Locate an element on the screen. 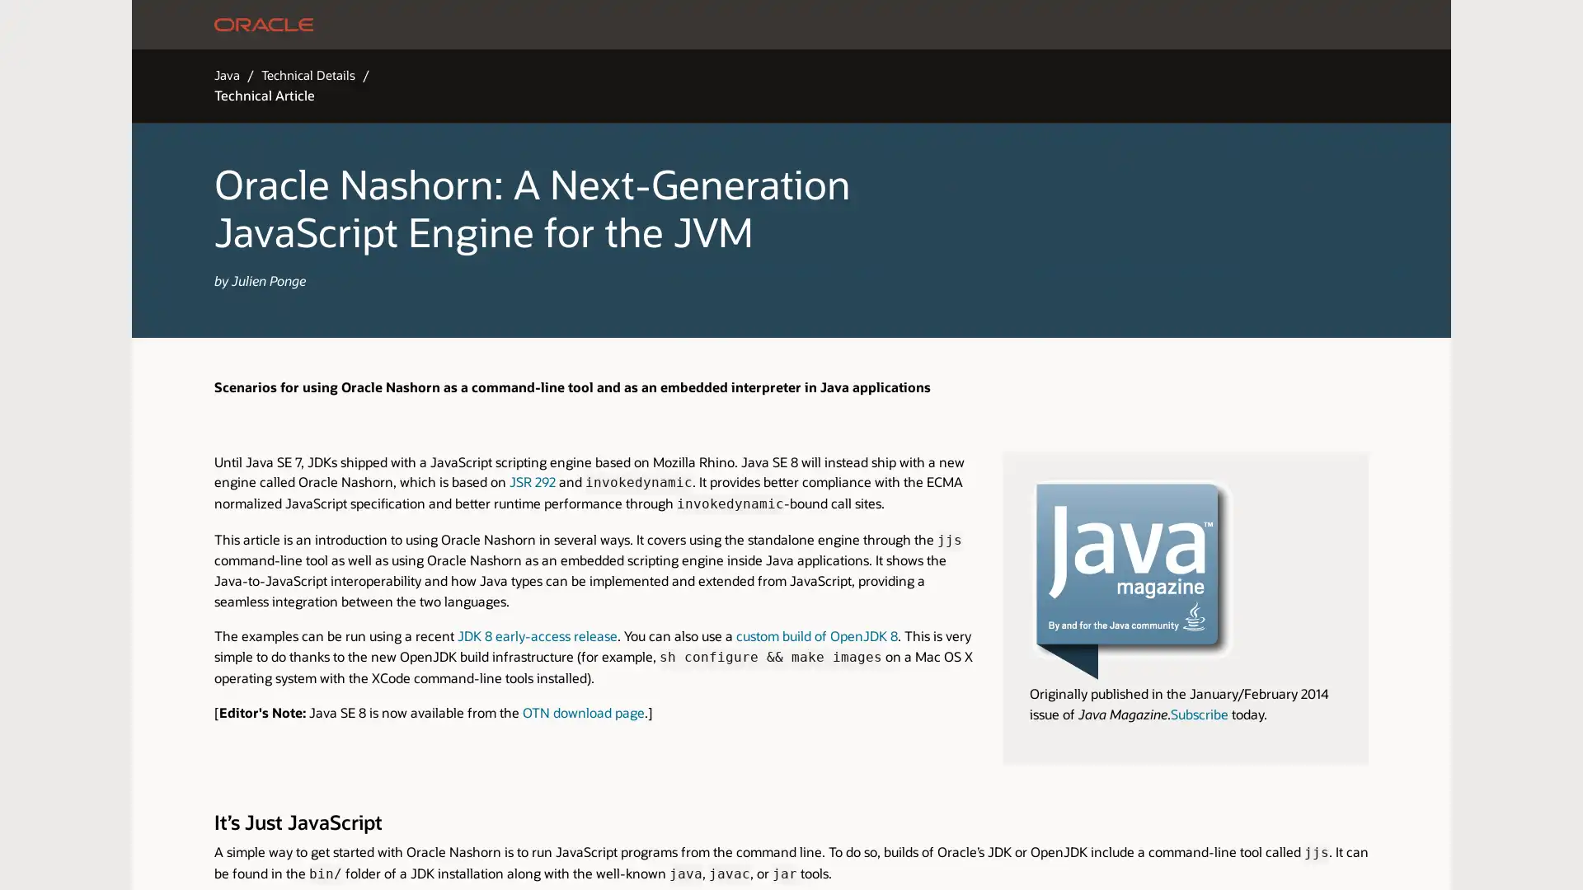 This screenshot has height=890, width=1583. View Accounts is located at coordinates (1165, 25).